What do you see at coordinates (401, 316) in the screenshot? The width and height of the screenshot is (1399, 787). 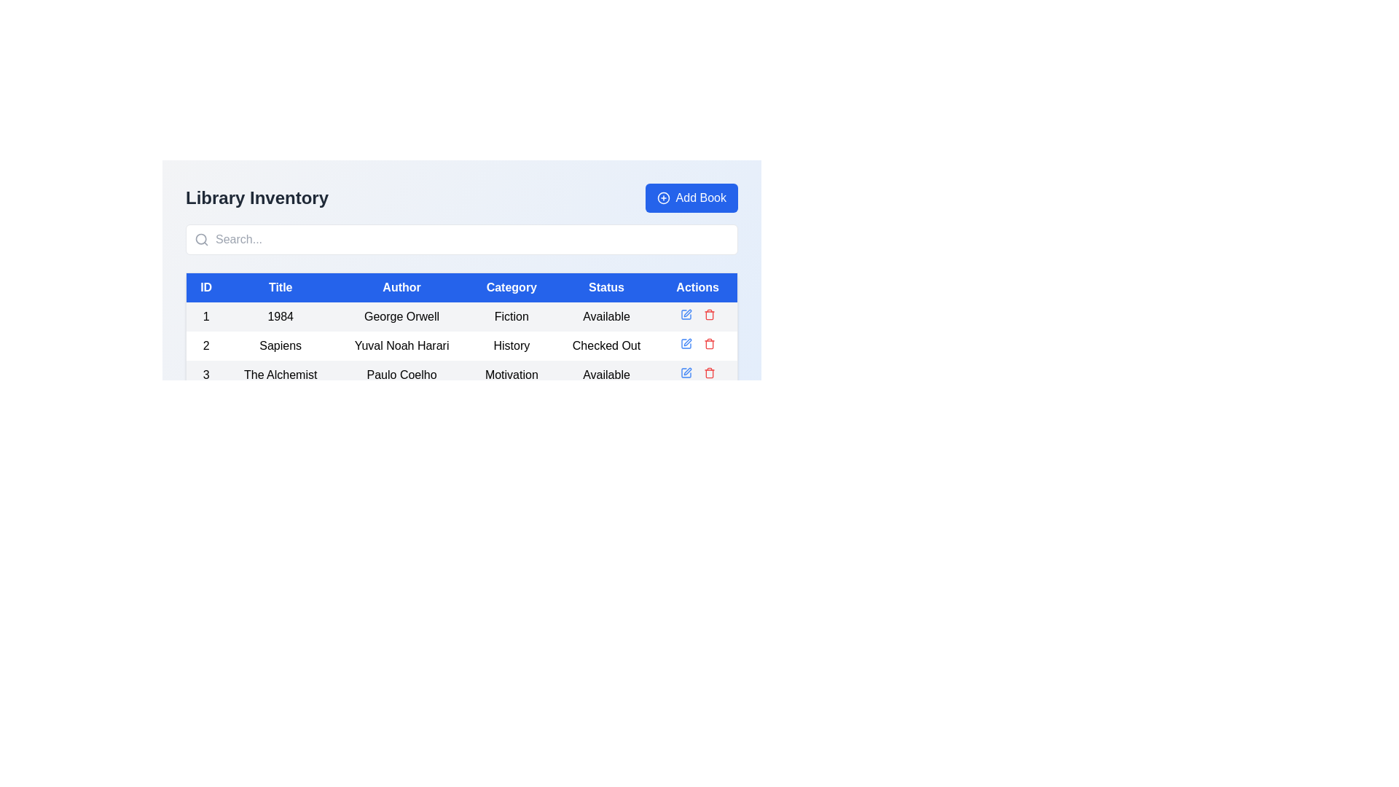 I see `the label displaying the author's name in the first row of the table under the 'Author' column` at bounding box center [401, 316].